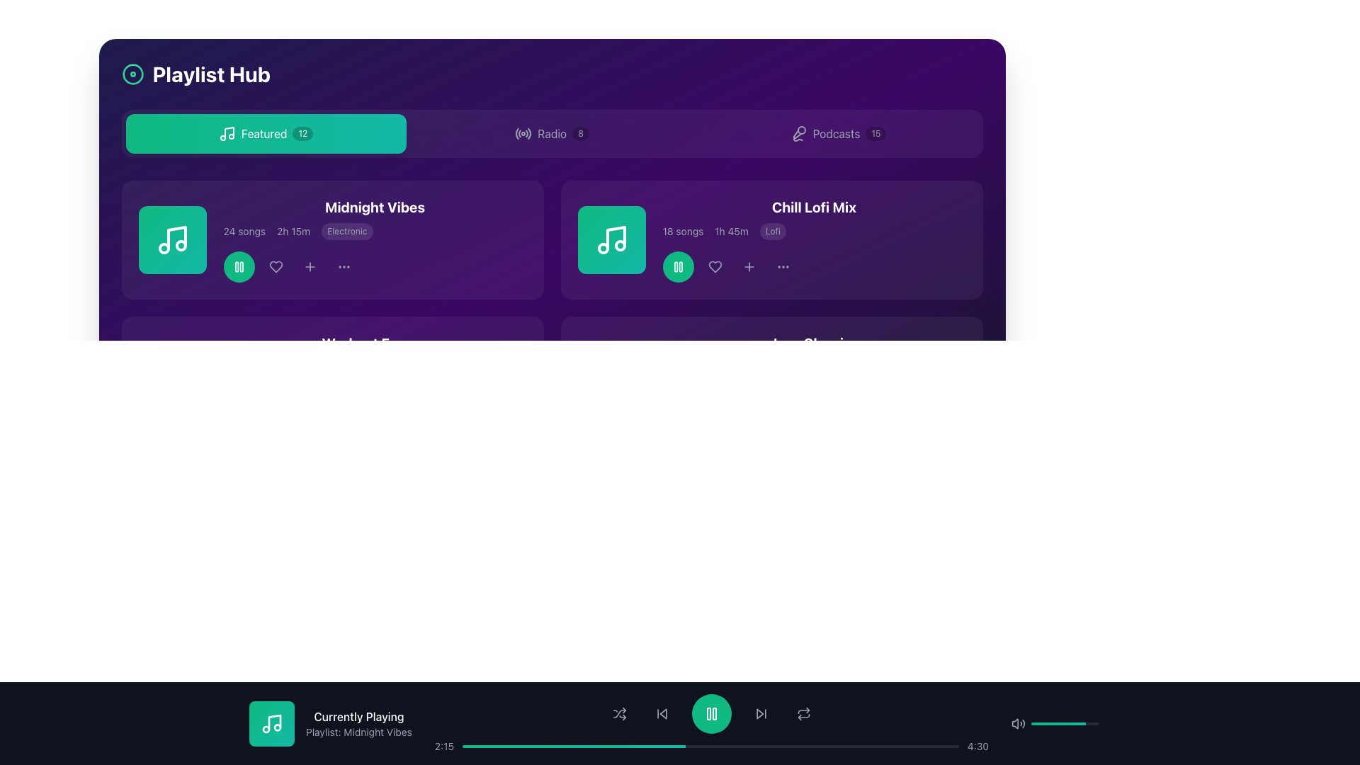  Describe the element at coordinates (683, 231) in the screenshot. I see `the text label displaying '18 songs', which is part of the playlist details and is located to the left of '1h 45m' and to the right of 'Chill Lofi Mix'` at that location.